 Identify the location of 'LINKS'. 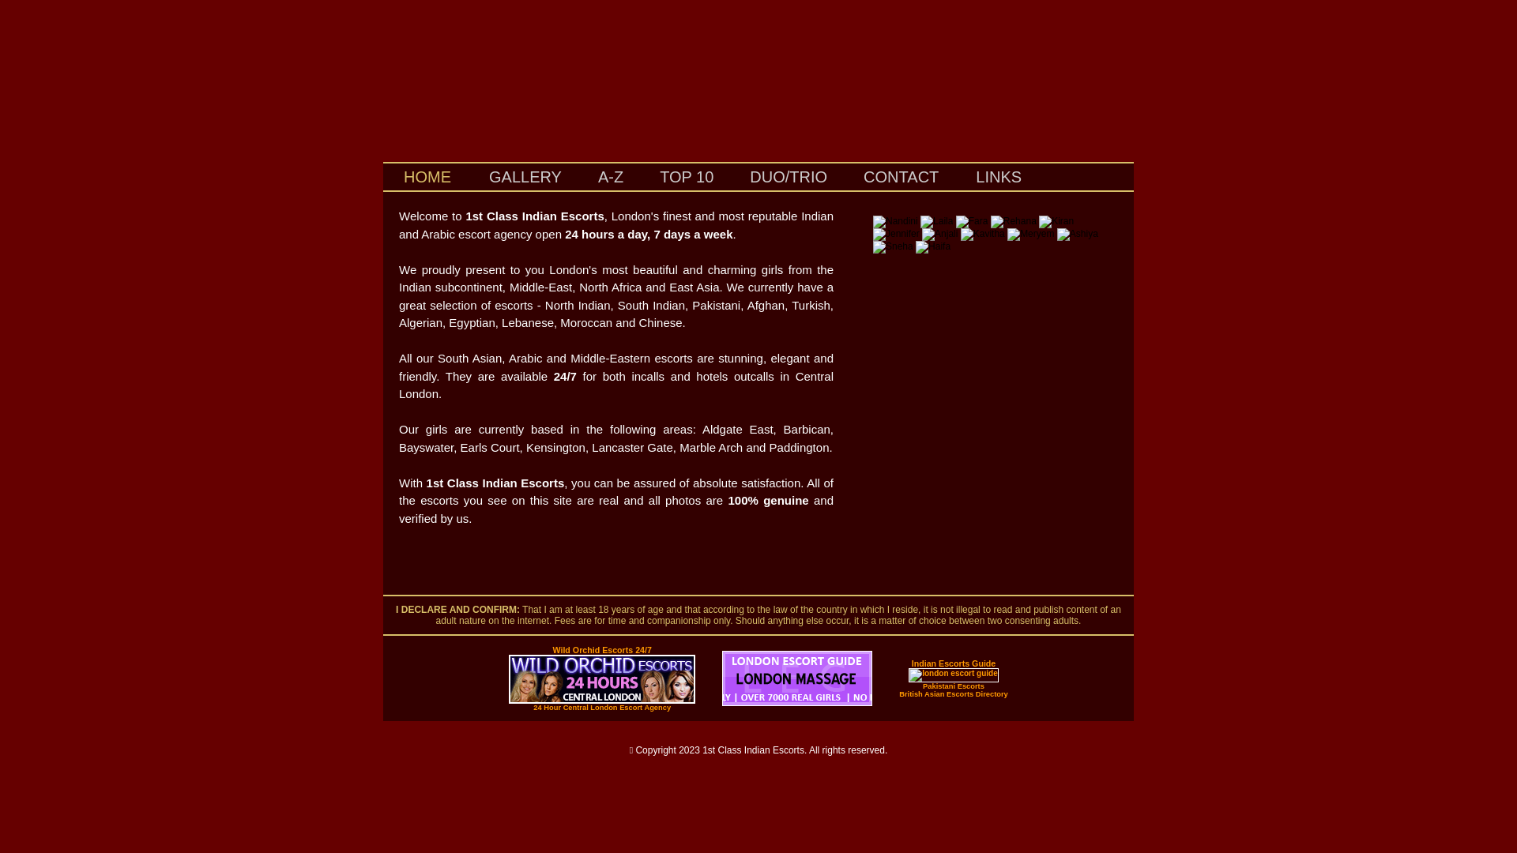
(956, 176).